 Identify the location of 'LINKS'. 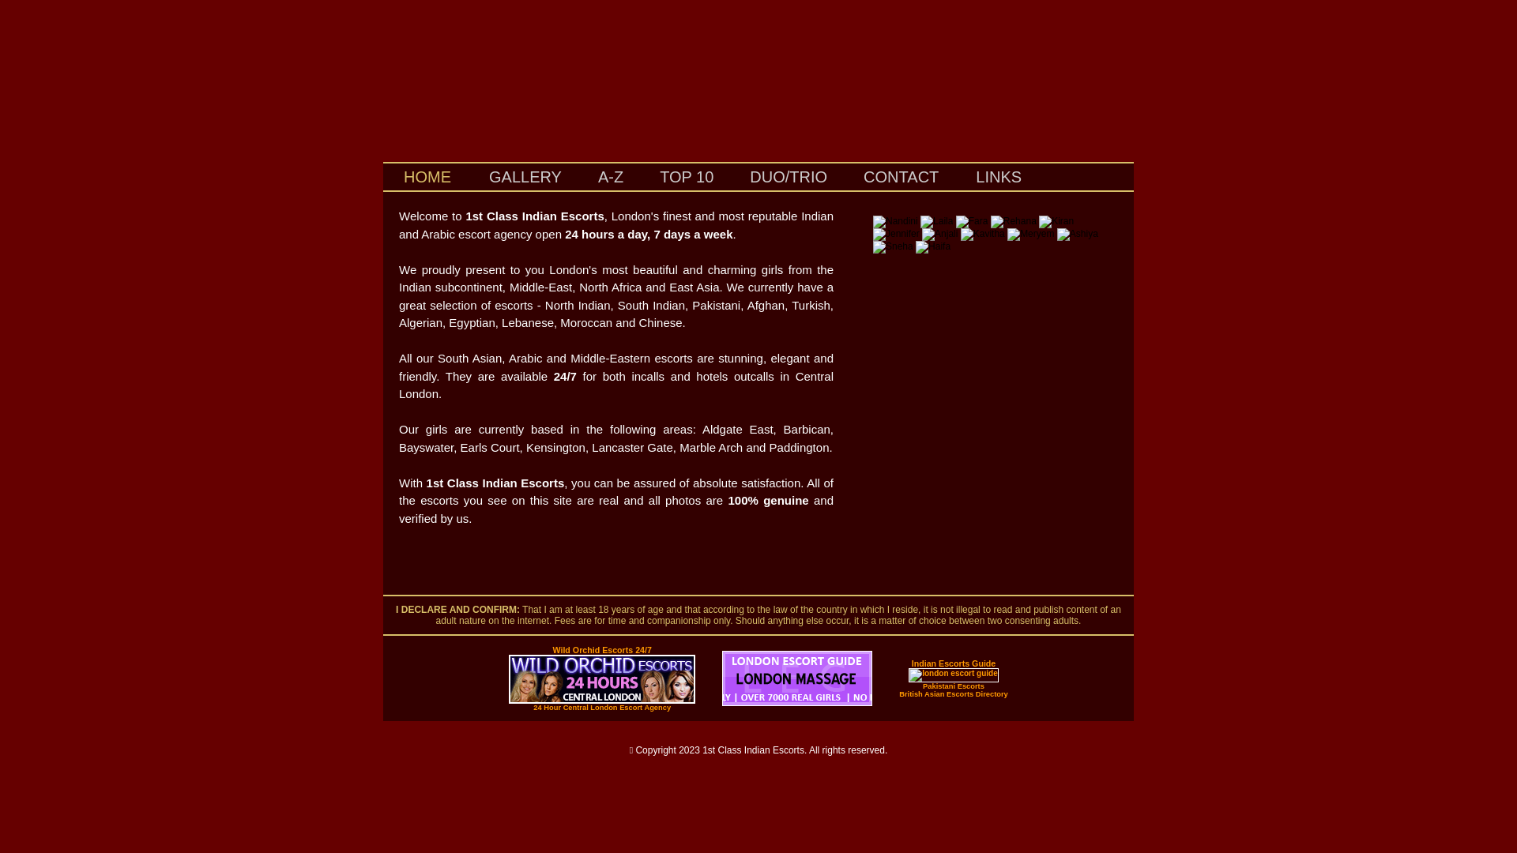
(956, 176).